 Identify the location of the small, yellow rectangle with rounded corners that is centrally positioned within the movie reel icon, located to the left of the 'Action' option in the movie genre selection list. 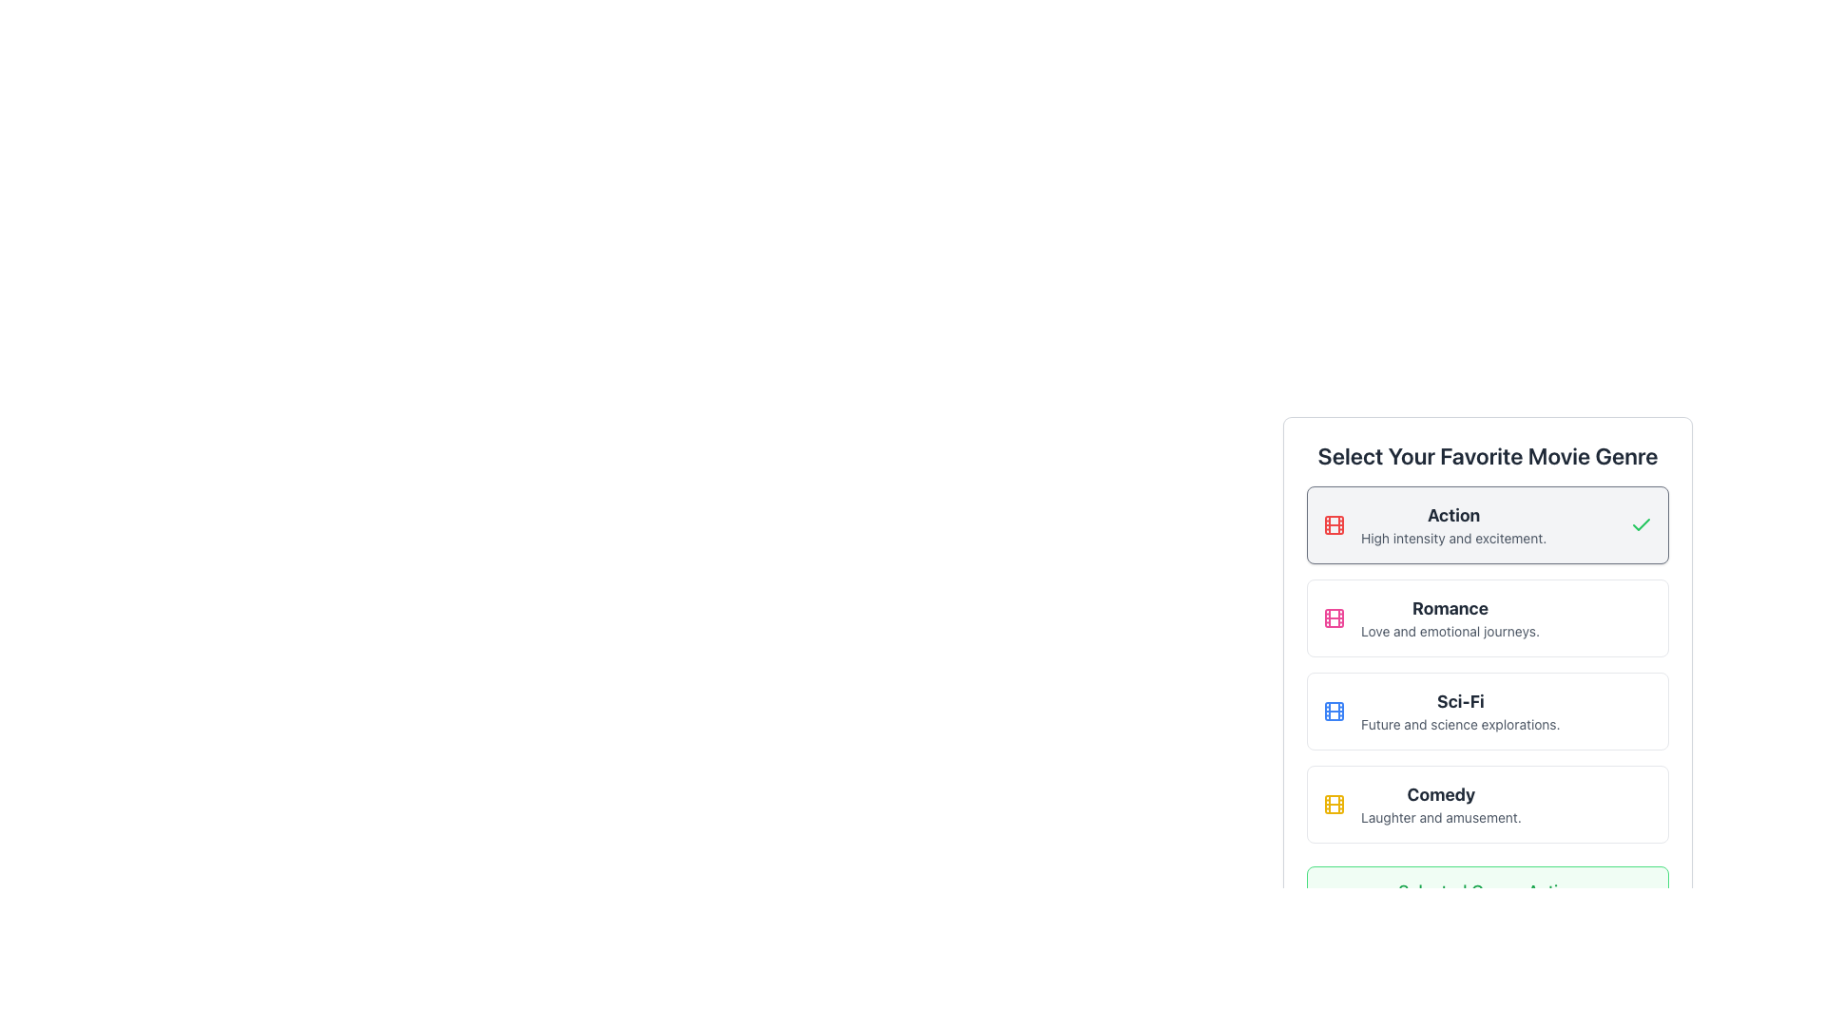
(1333, 805).